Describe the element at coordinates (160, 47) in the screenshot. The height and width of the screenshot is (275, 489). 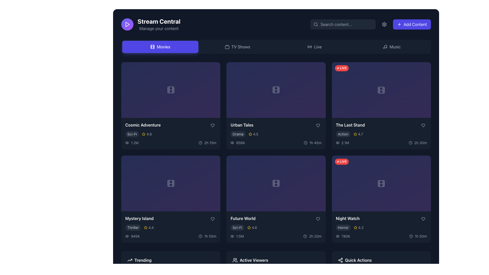
I see `the first button in the horizontal navigation bar labeled 'Movies'` at that location.